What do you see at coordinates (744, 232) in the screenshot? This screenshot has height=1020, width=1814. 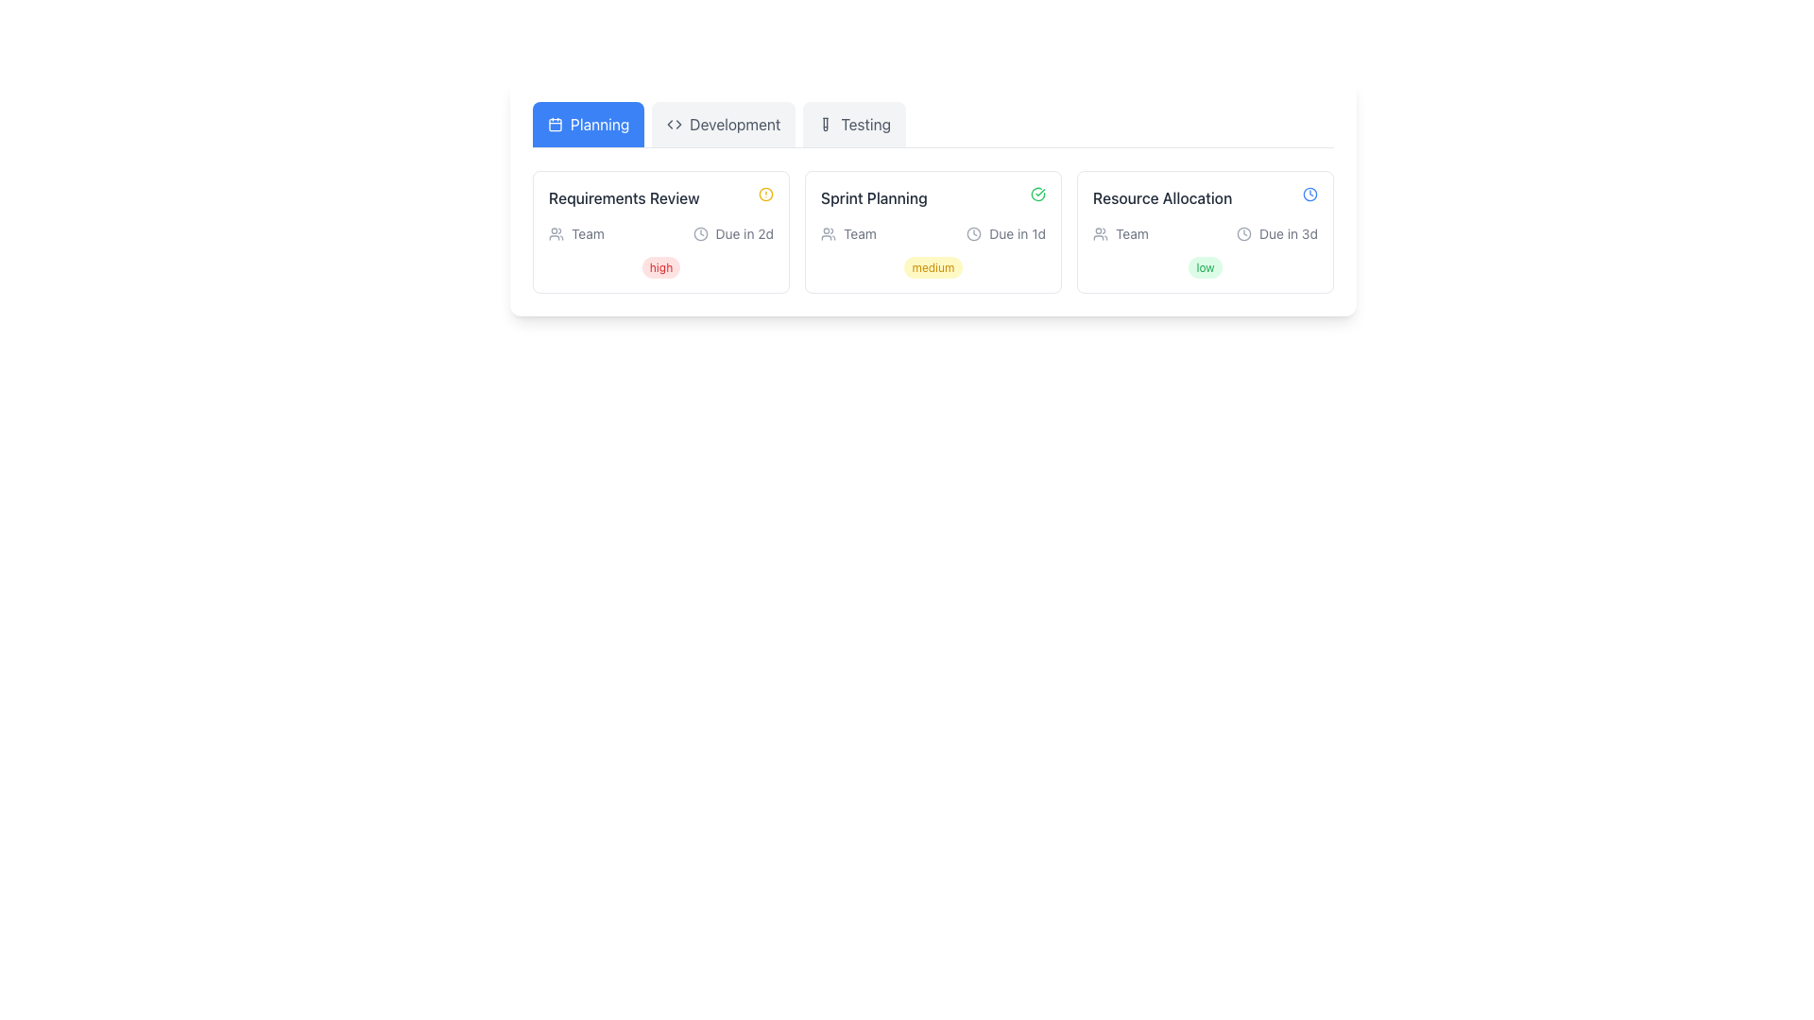 I see `the time left text label indicating the due date for the 'Requirements Review' task, located below the task title and team name, to the right of the clock icon` at bounding box center [744, 232].